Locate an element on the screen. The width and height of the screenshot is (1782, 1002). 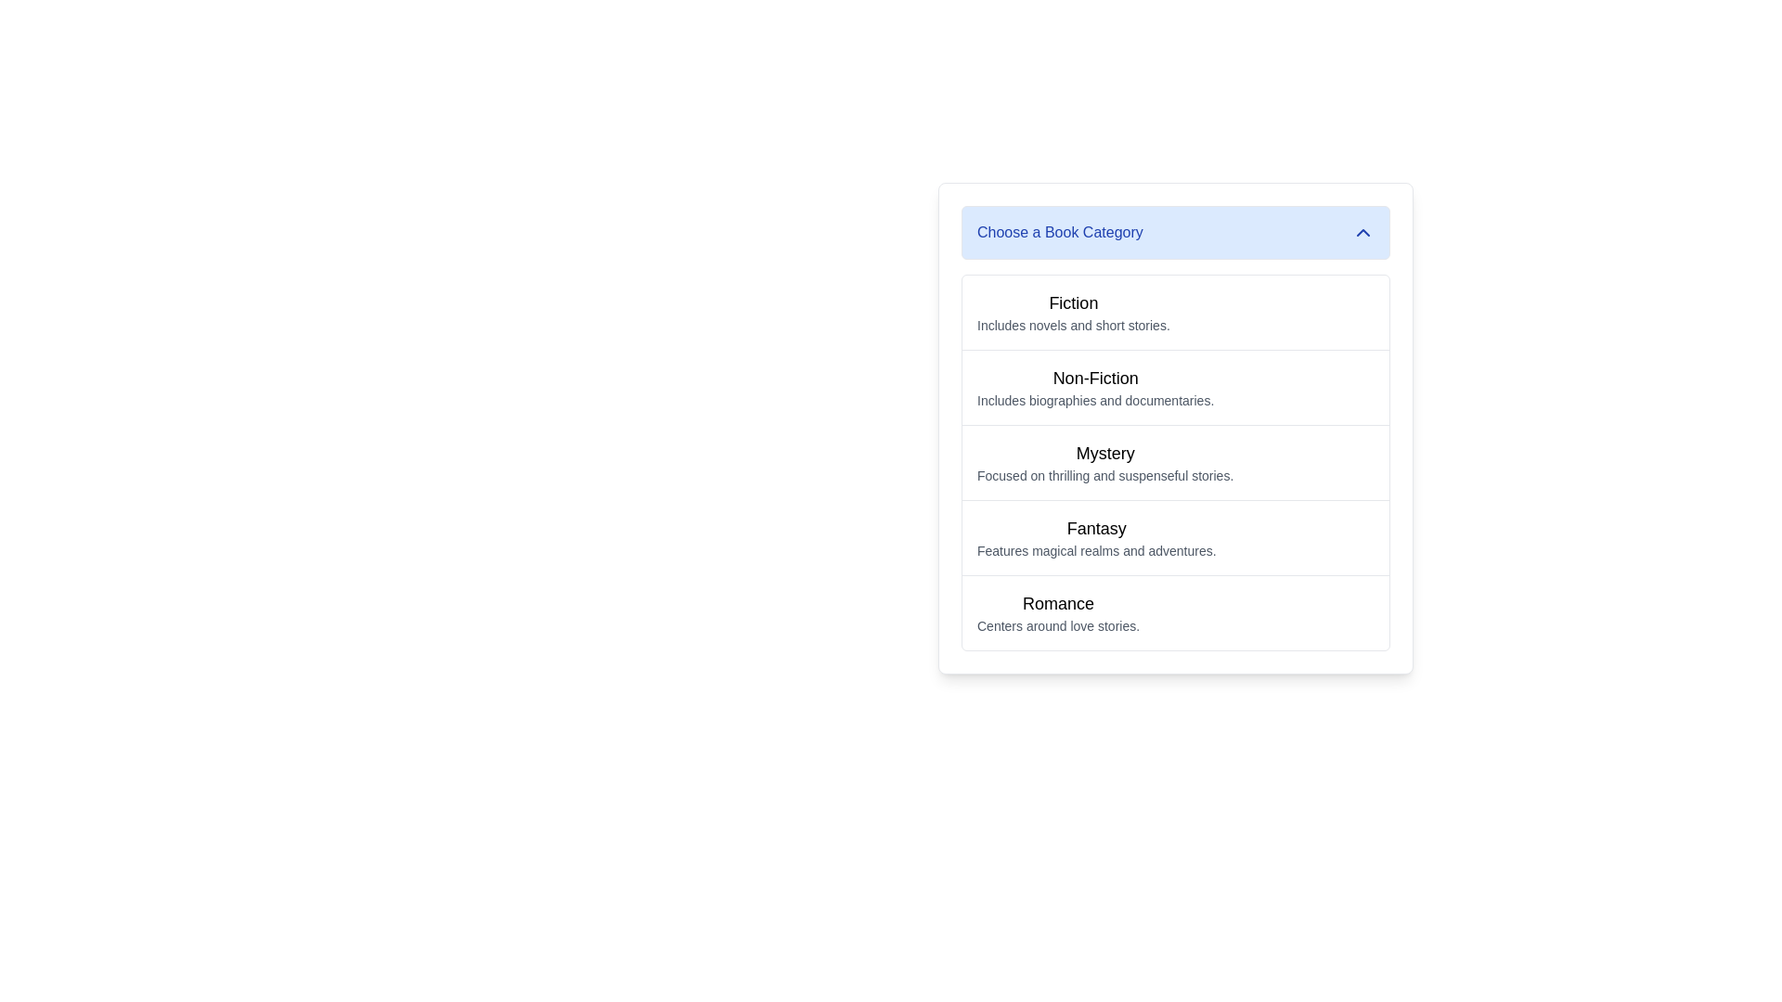
the 'Romance' button, which features a larger bold title and a smaller description is located at coordinates (1058, 612).